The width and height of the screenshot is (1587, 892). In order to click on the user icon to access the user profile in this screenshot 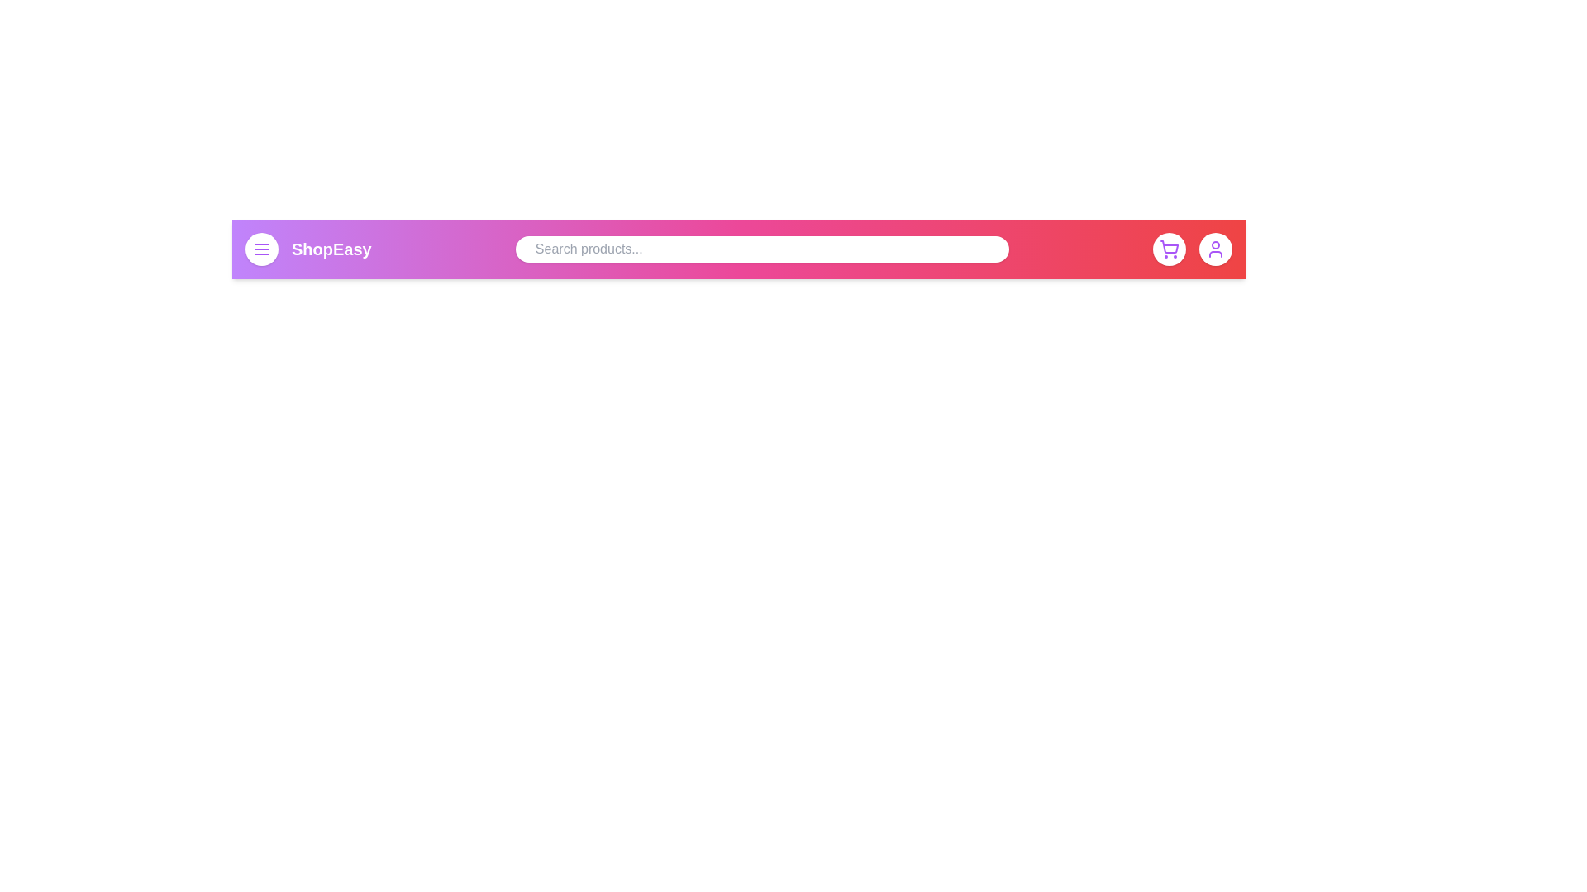, I will do `click(1215, 249)`.